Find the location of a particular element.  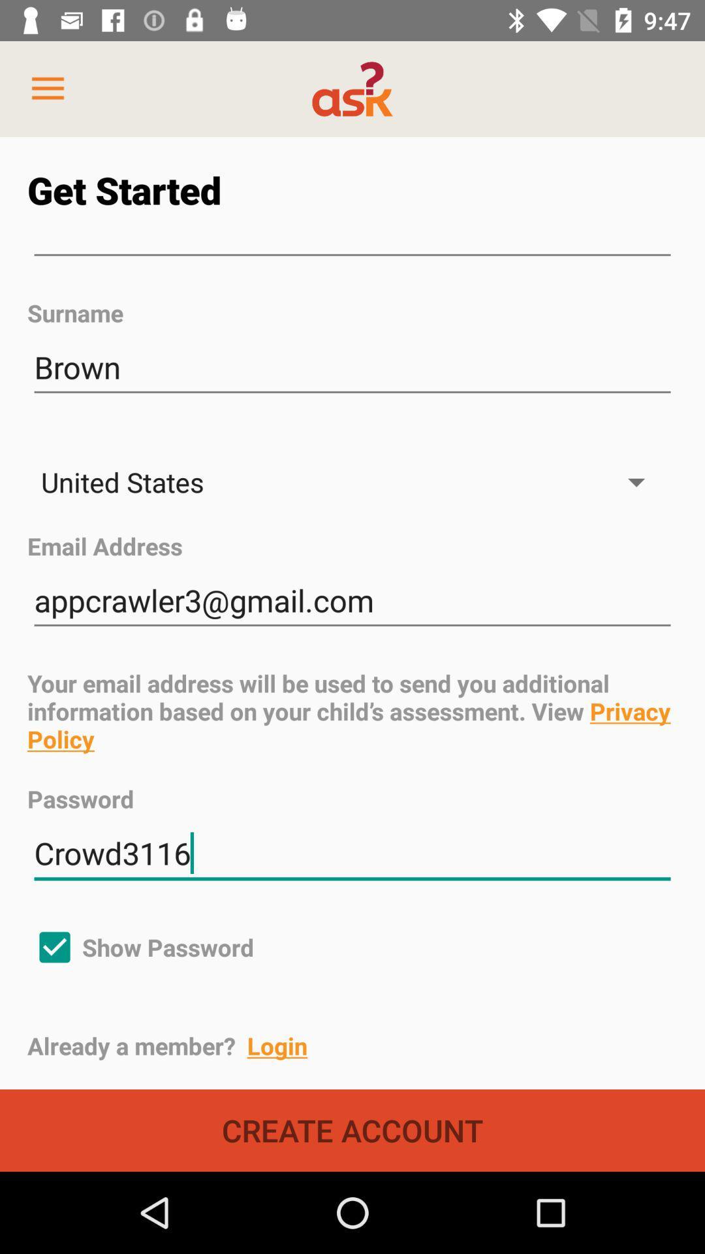

brown is located at coordinates (352, 367).